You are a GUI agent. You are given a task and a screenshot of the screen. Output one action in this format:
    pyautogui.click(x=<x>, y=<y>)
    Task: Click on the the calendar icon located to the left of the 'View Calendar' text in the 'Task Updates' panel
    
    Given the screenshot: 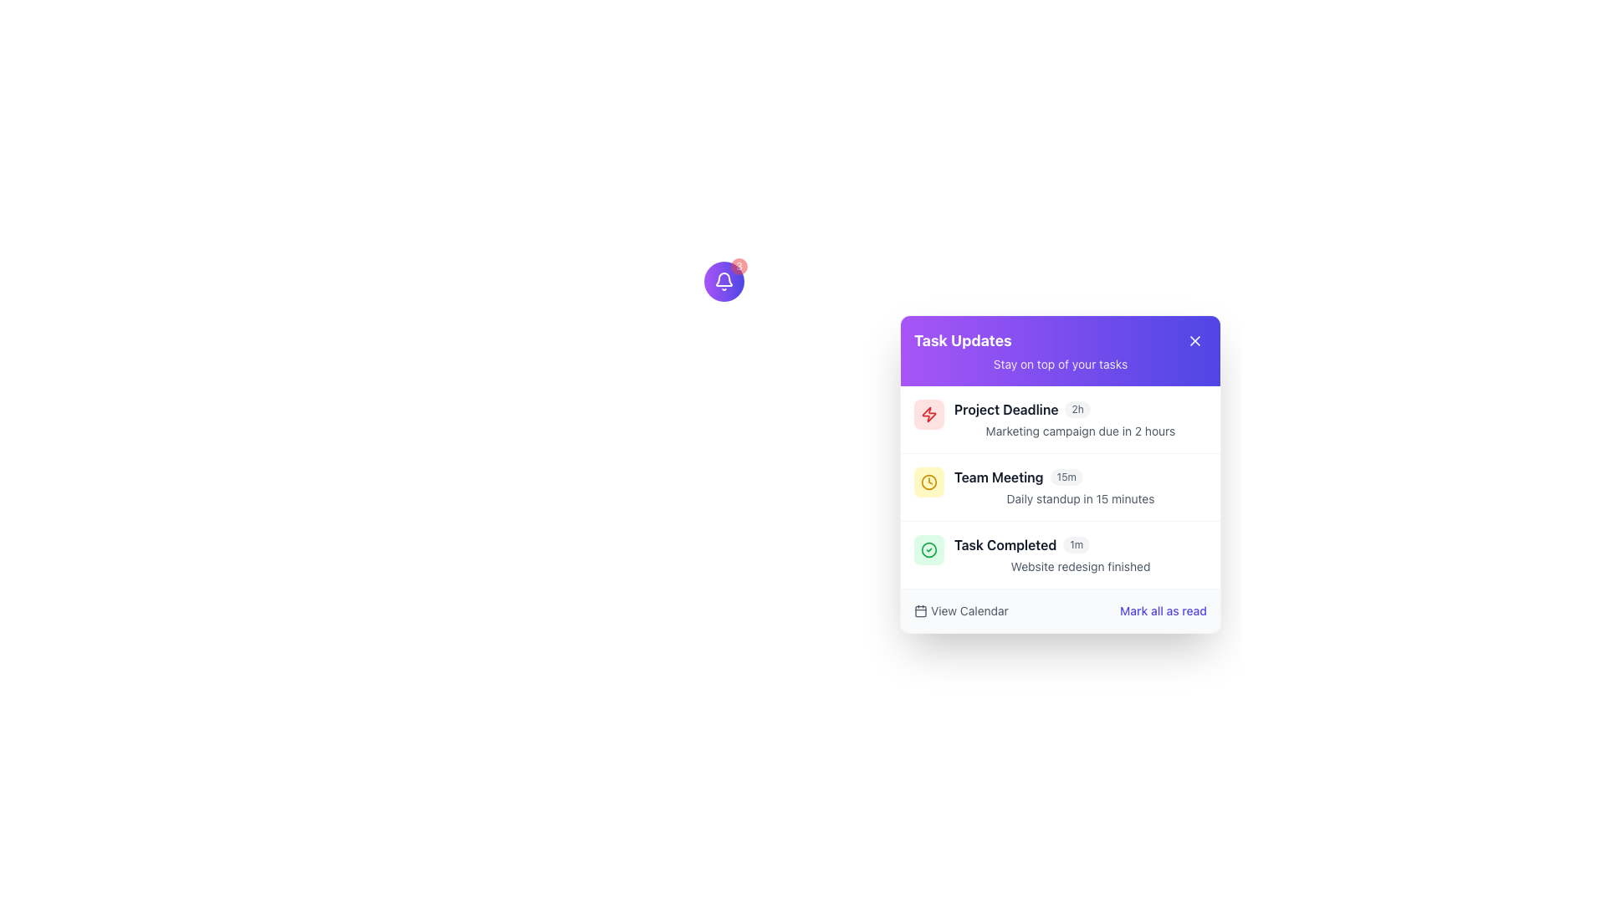 What is the action you would take?
    pyautogui.click(x=919, y=611)
    